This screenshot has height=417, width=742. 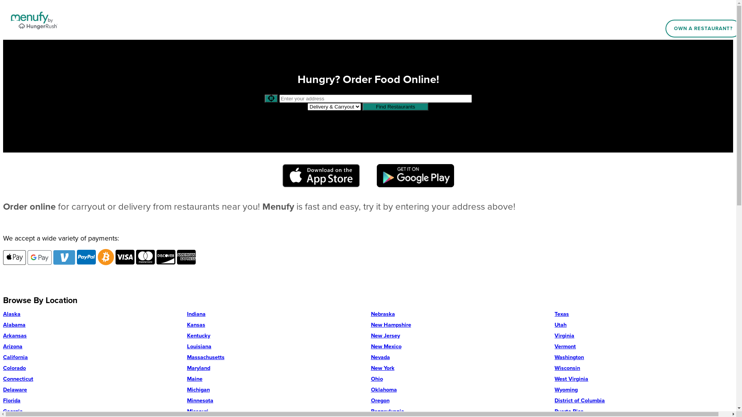 I want to click on 'Accepts Venmo', so click(x=53, y=258).